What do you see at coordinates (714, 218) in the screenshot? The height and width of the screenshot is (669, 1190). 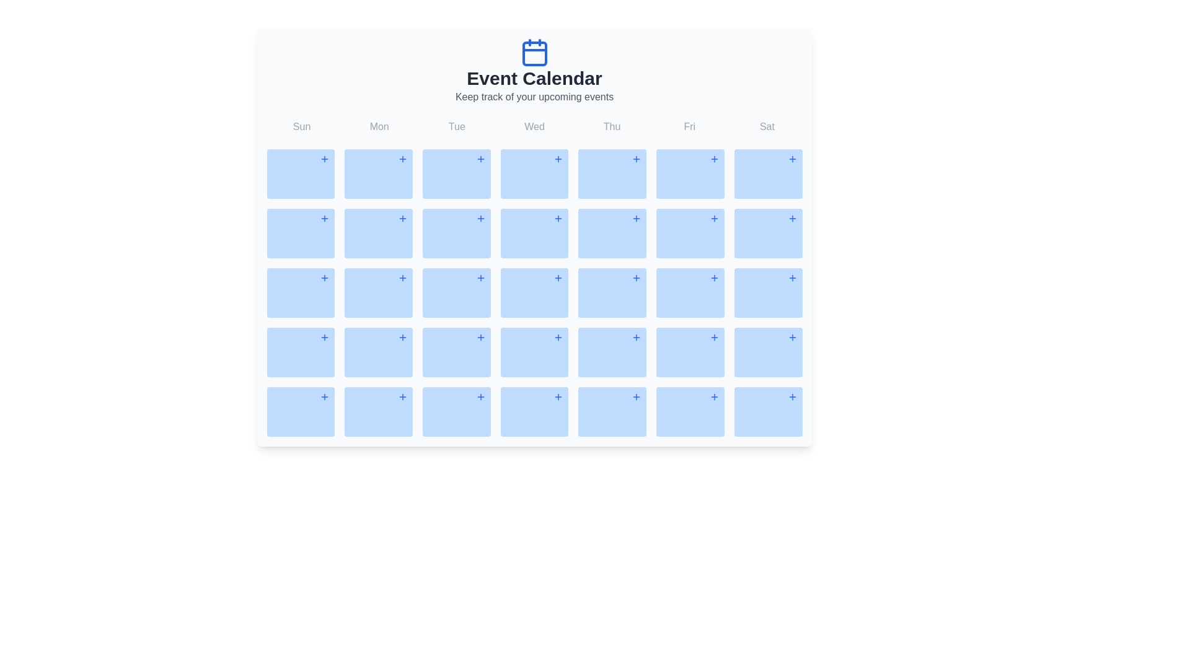 I see `the blue 'plus' icon button located in the top-right corner of the blue square cell in the fifth column of the fourth row` at bounding box center [714, 218].